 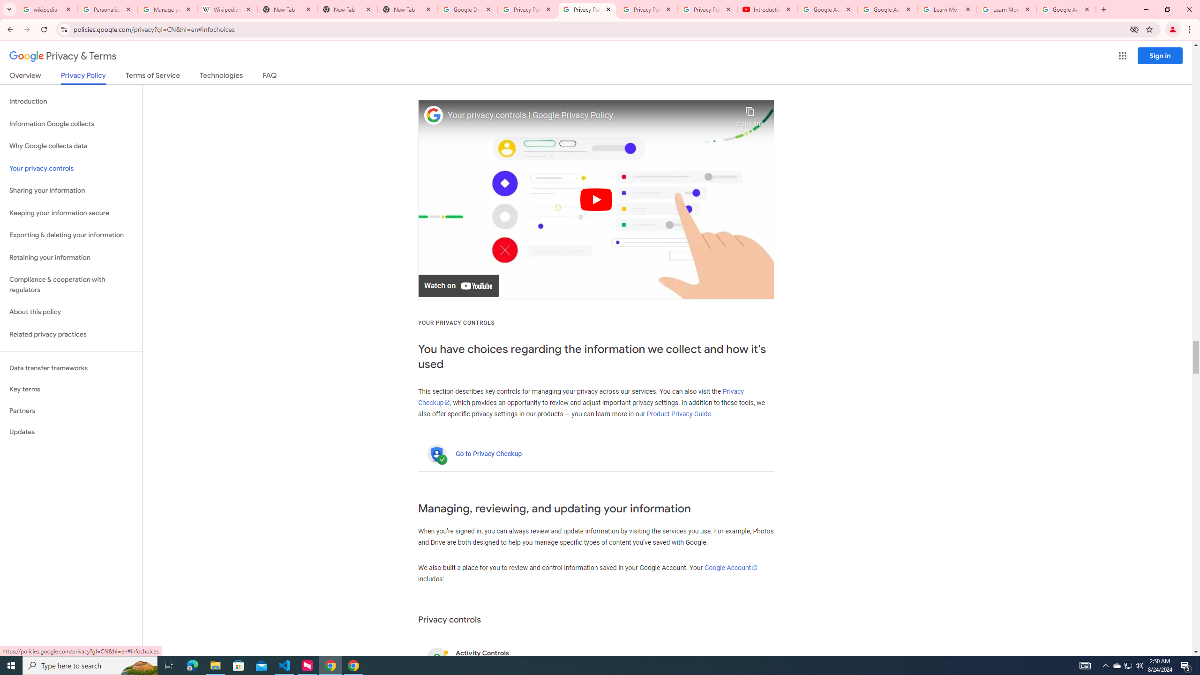 I want to click on 'Retaining your information', so click(x=71, y=257).